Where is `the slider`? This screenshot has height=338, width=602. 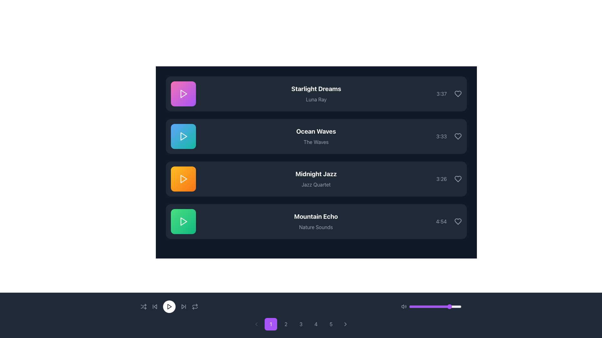
the slider is located at coordinates (440, 306).